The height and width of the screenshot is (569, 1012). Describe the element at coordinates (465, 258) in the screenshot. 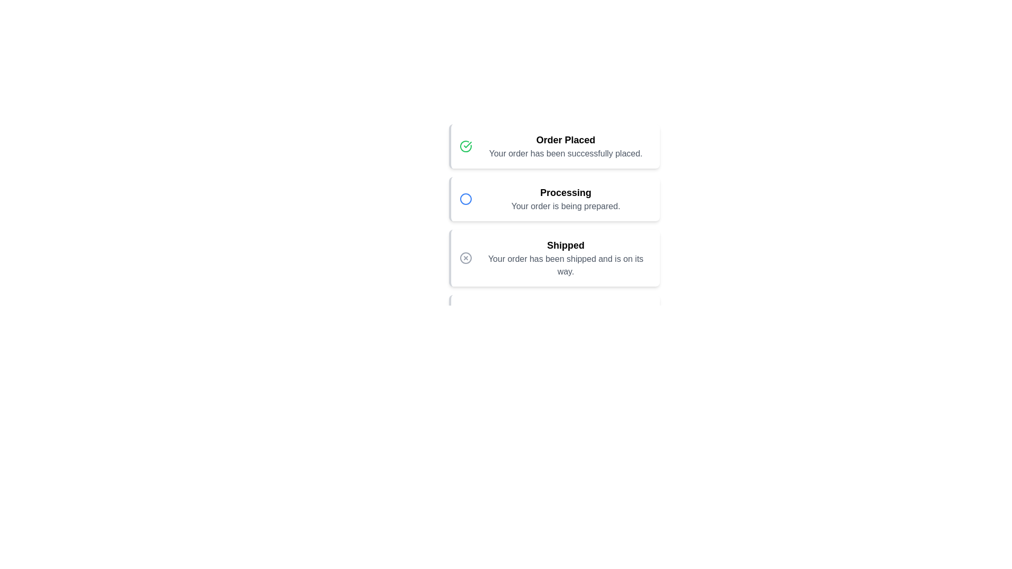

I see `the status icon of the step with title Shipped` at that location.